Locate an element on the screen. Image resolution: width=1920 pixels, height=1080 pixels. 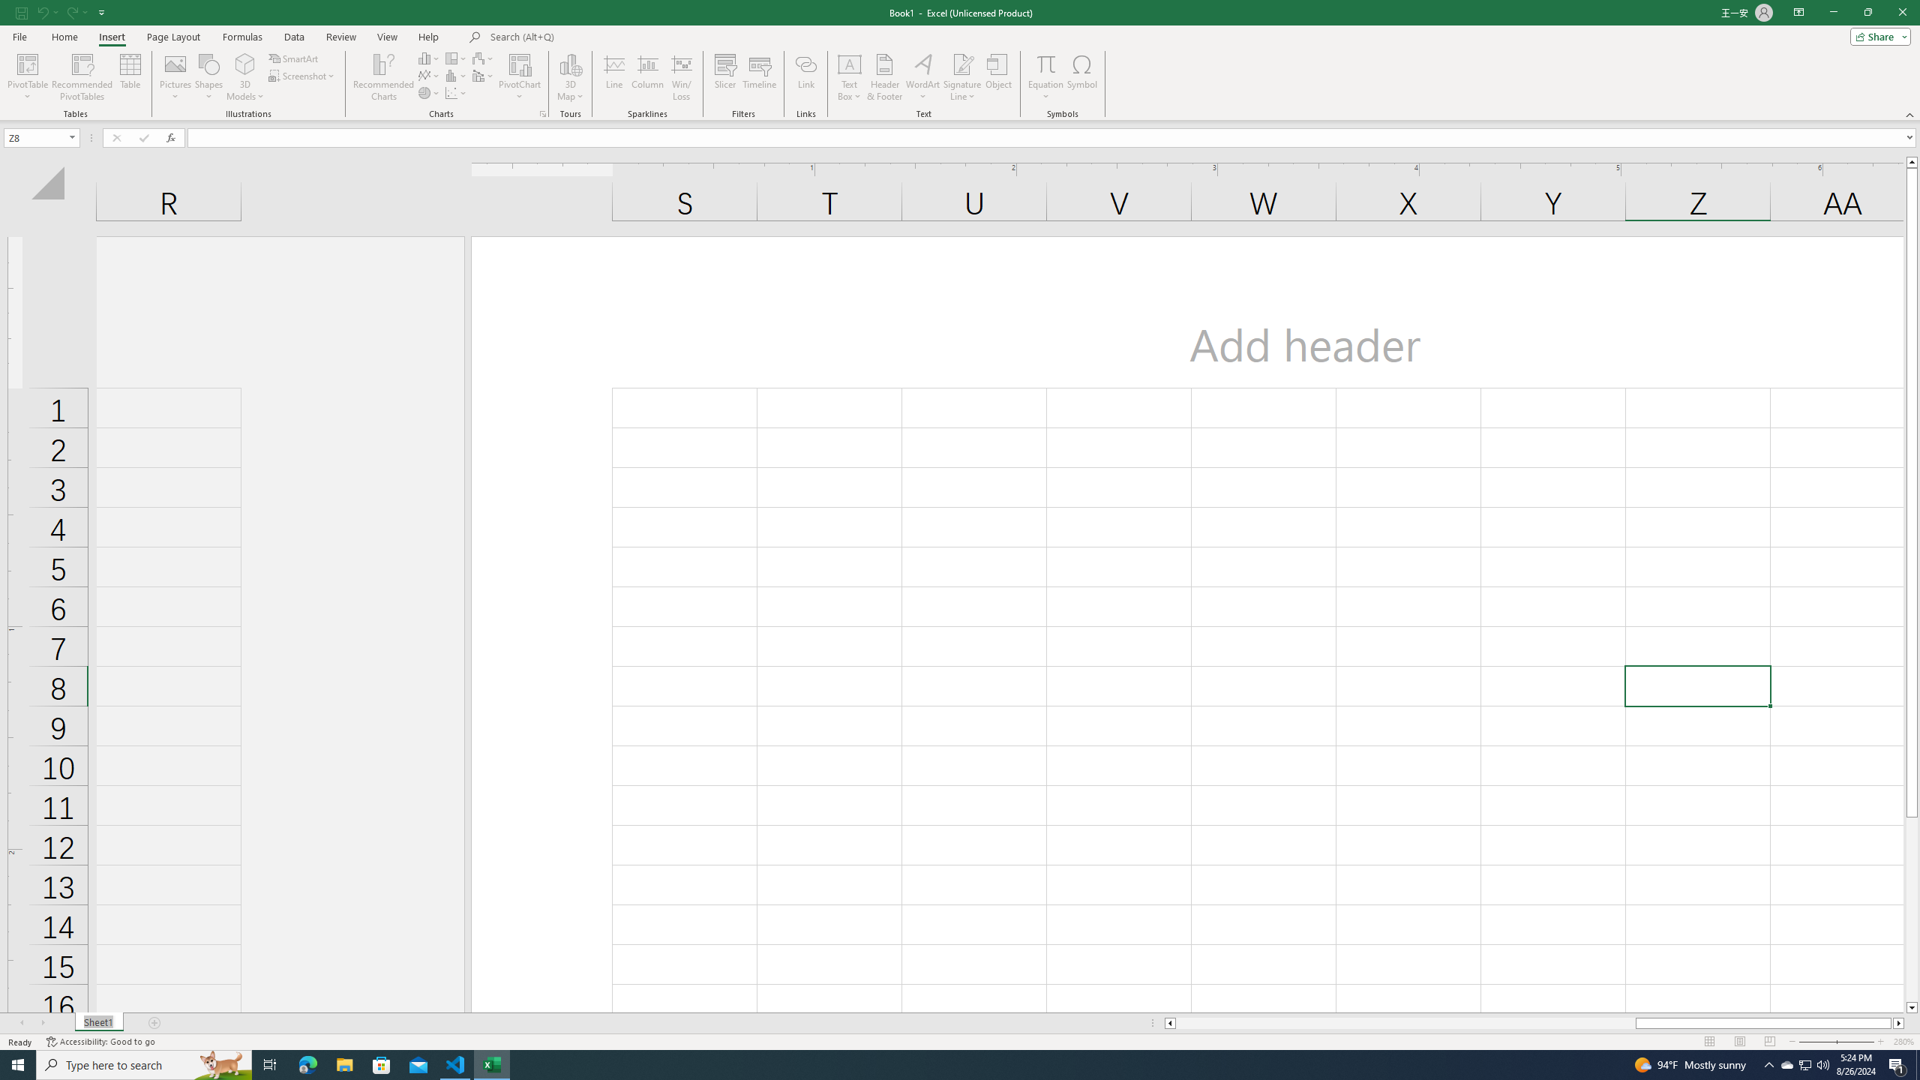
'Screenshot' is located at coordinates (302, 74).